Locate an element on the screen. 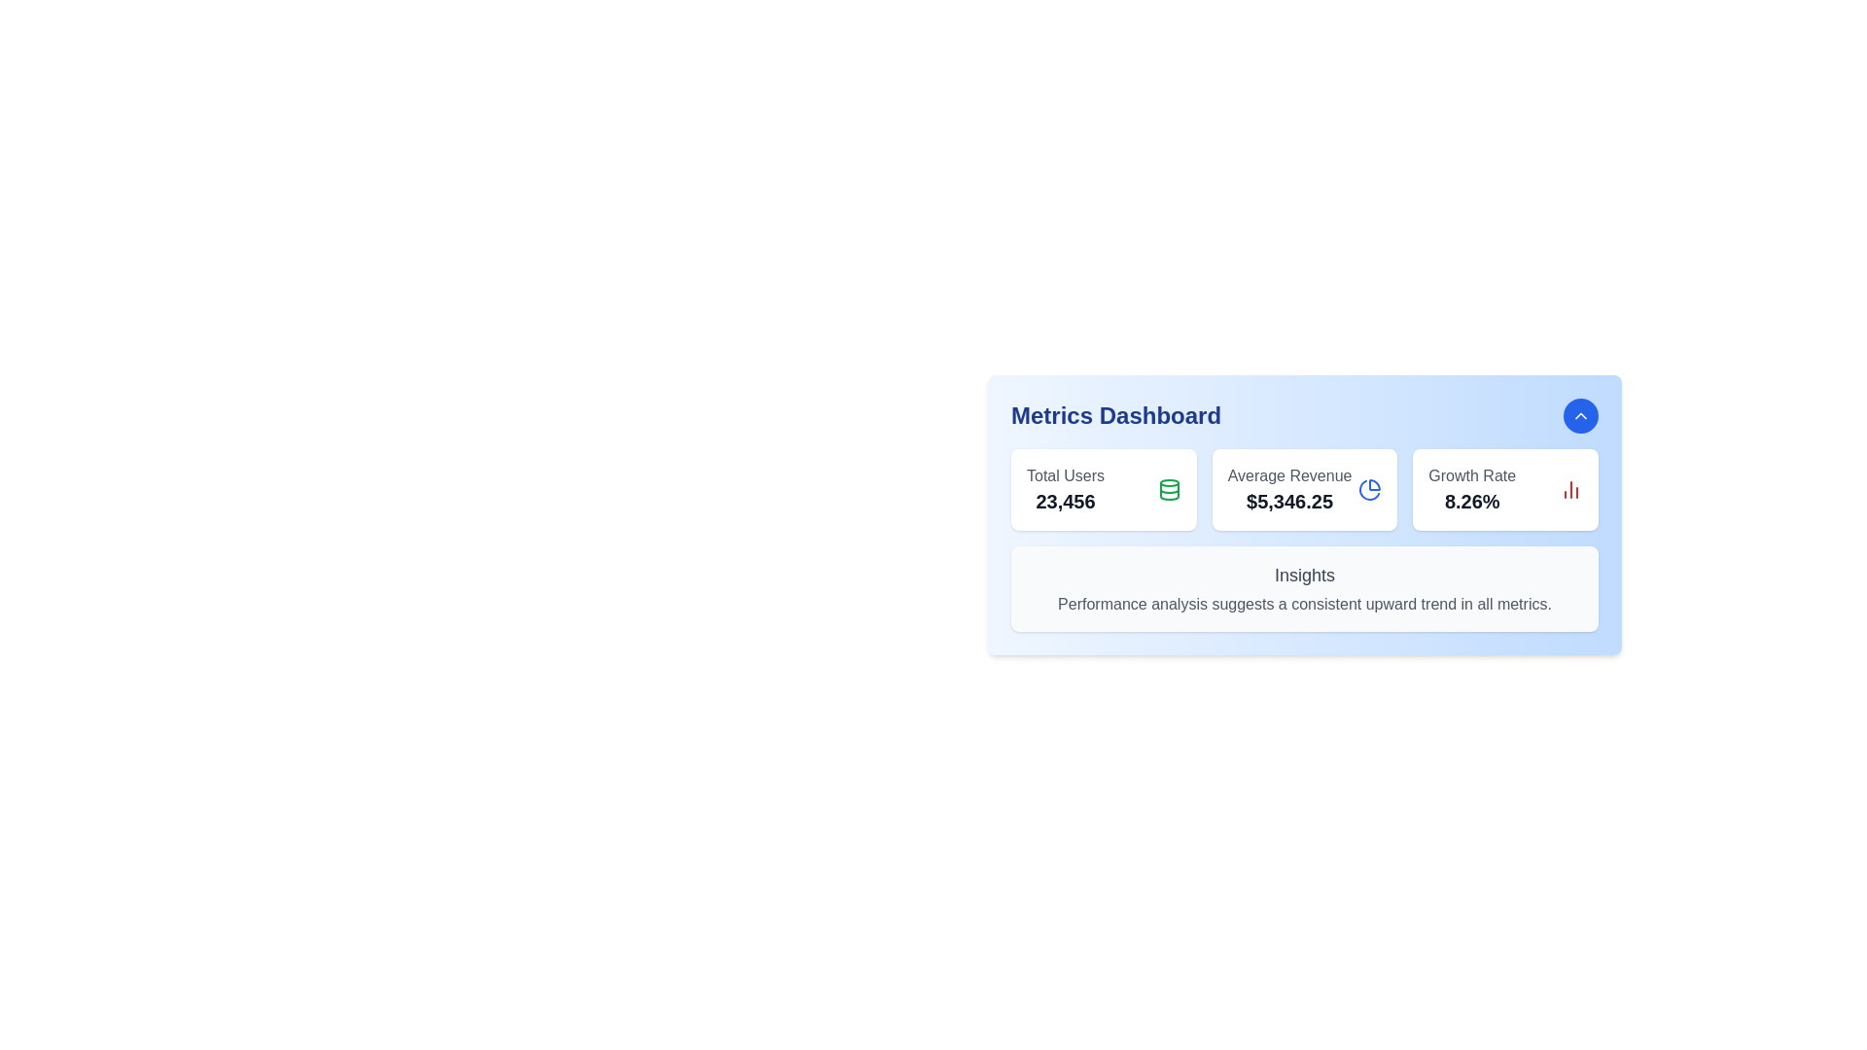 Image resolution: width=1867 pixels, height=1050 pixels. the Informational Card displaying the 'Average Revenue' metric of '$5,346.25' in the Metrics Dashboard section is located at coordinates (1305, 489).